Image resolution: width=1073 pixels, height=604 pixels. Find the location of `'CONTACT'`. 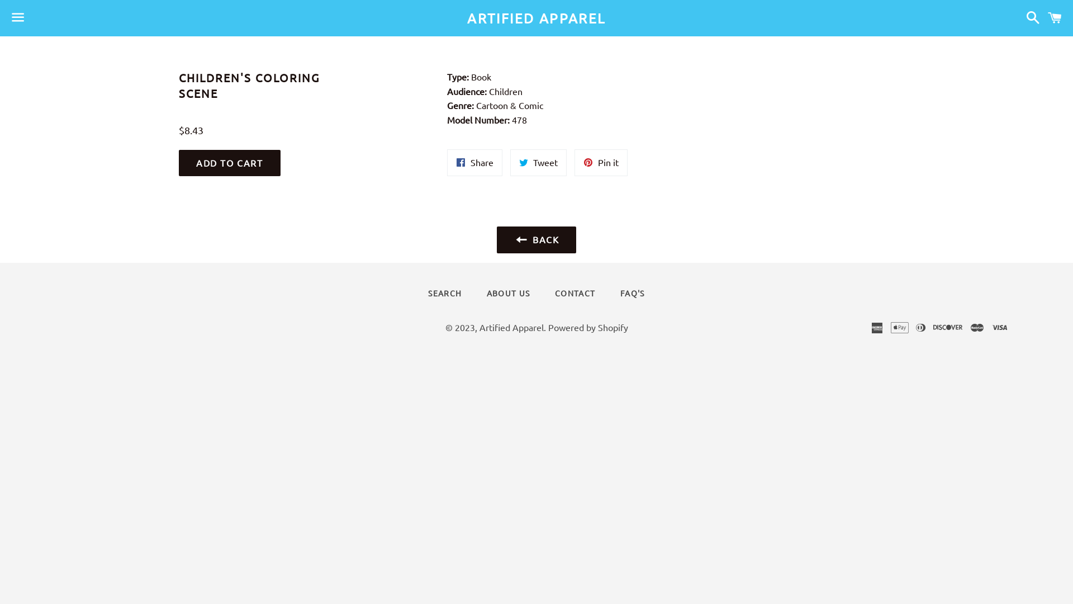

'CONTACT' is located at coordinates (575, 292).